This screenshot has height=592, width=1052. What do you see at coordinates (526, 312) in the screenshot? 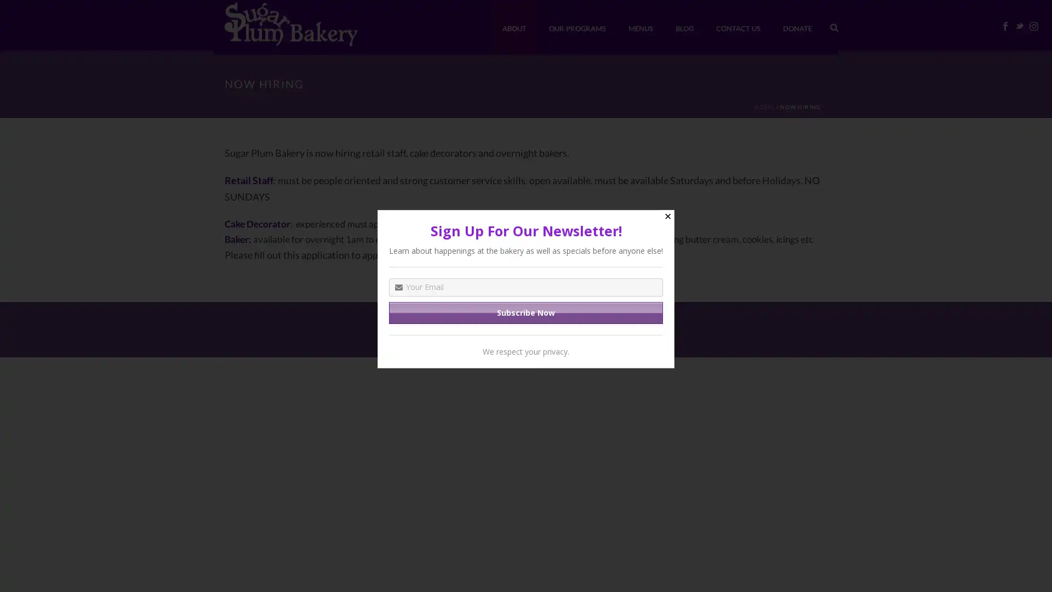
I see `Subscribe Now` at bounding box center [526, 312].